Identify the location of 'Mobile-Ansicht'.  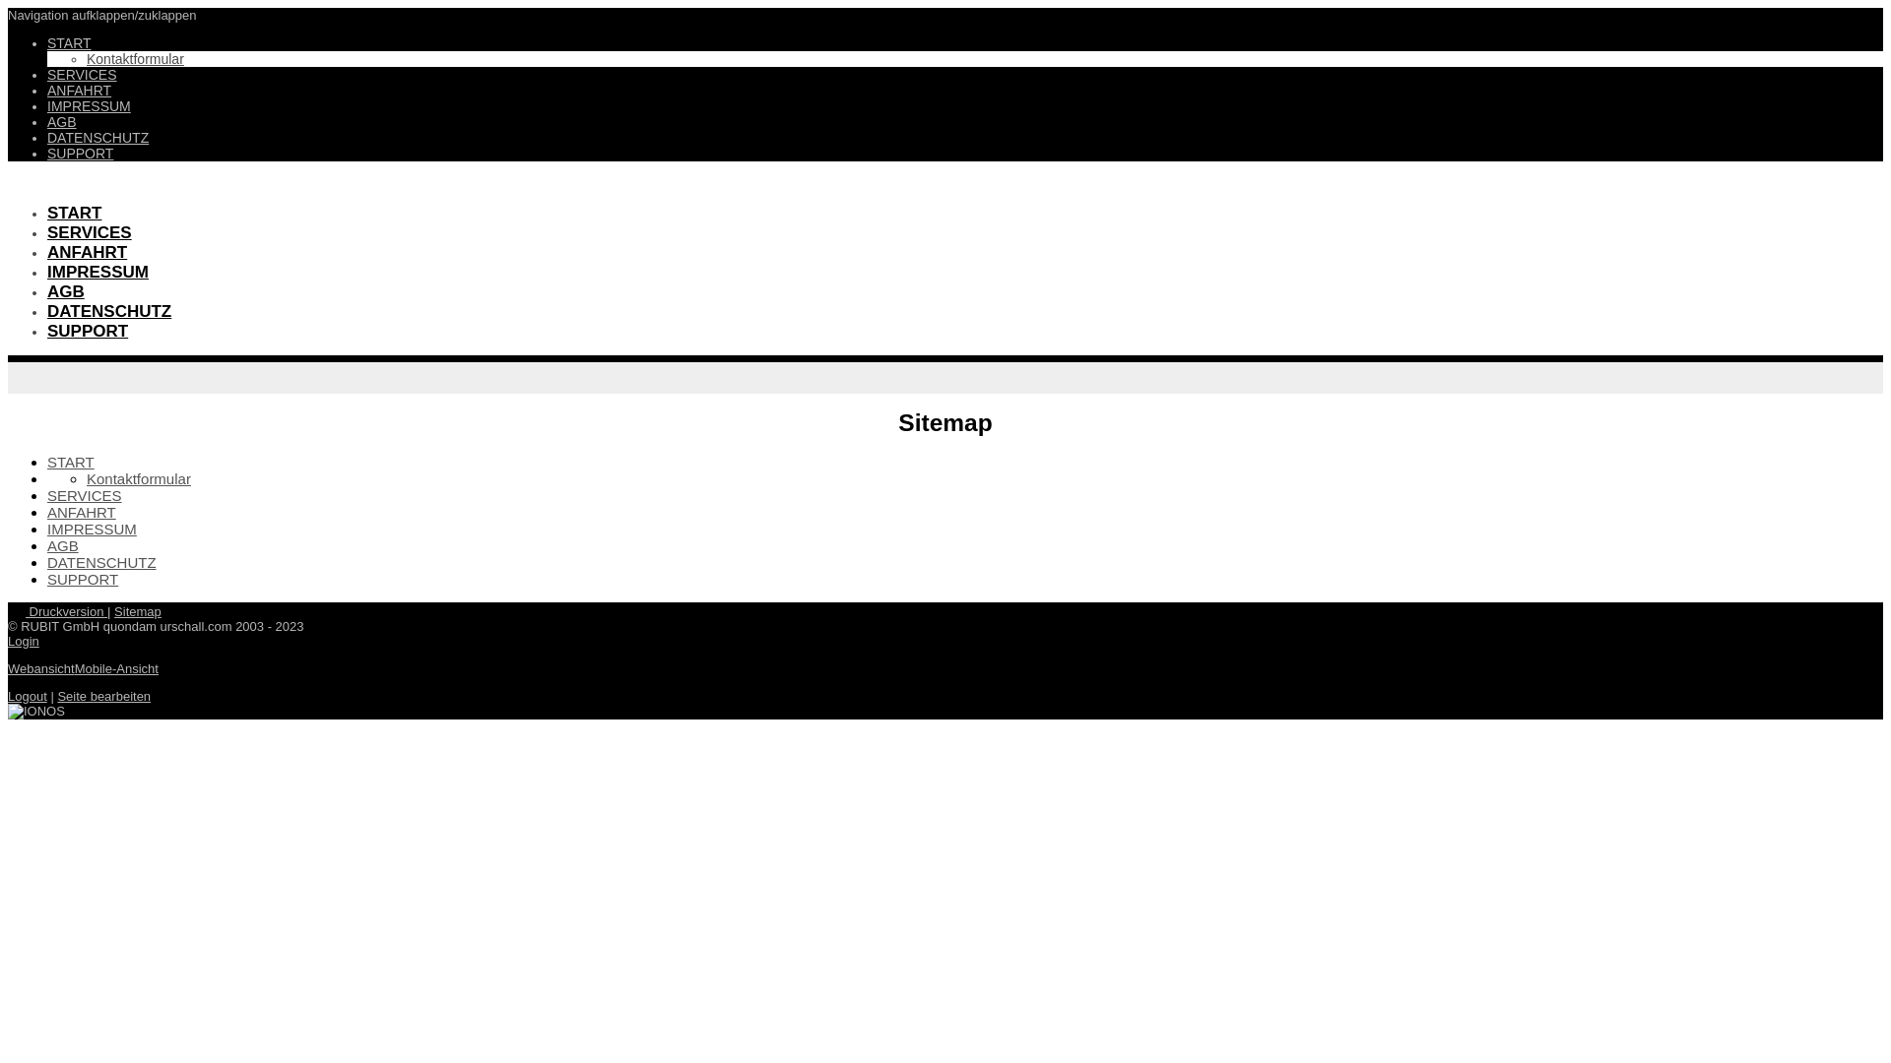
(75, 667).